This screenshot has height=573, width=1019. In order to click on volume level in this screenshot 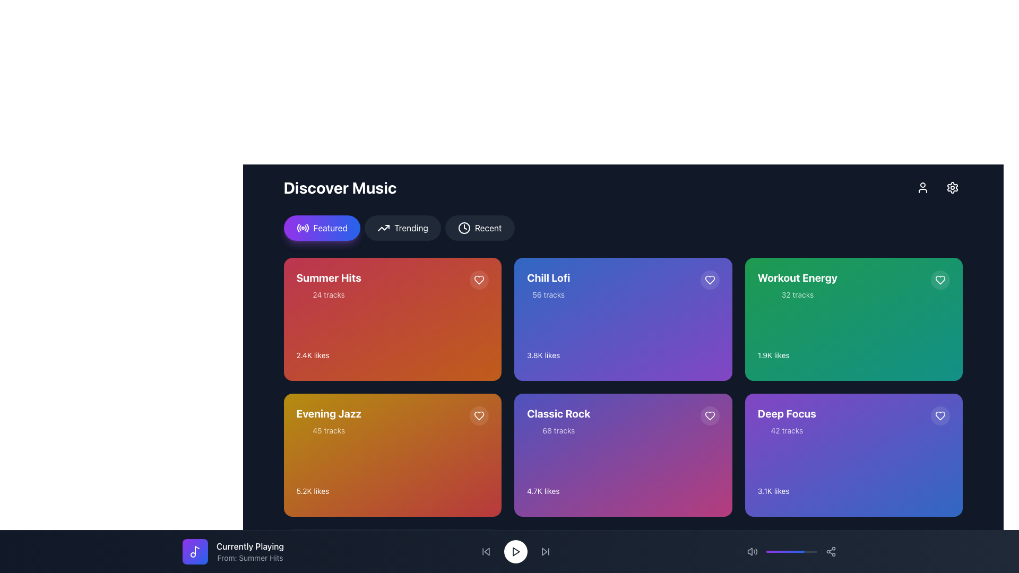, I will do `click(800, 551)`.